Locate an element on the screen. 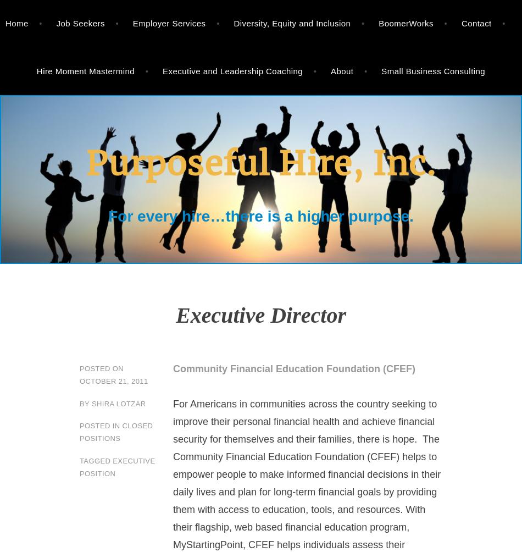 This screenshot has width=522, height=552. 'Employer Services' is located at coordinates (168, 23).